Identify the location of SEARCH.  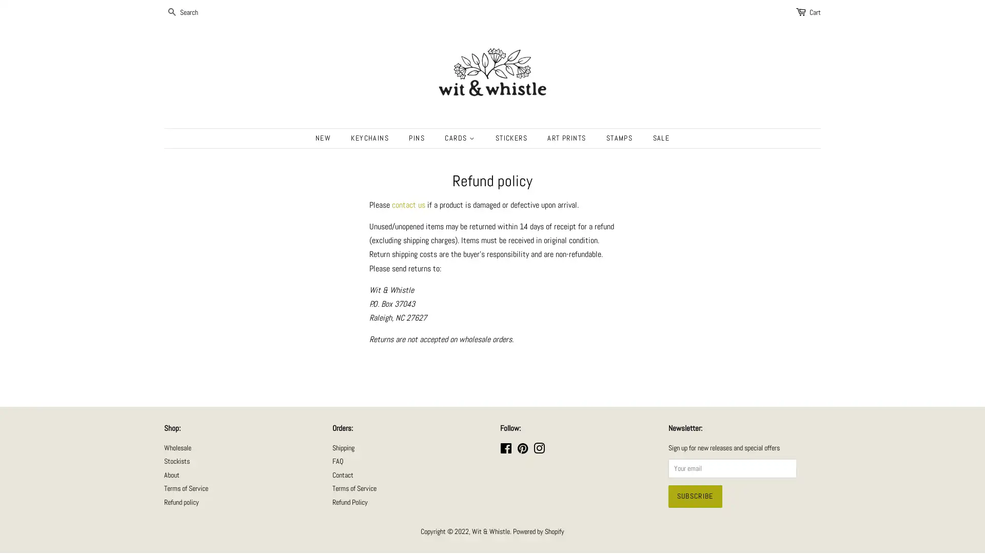
(172, 12).